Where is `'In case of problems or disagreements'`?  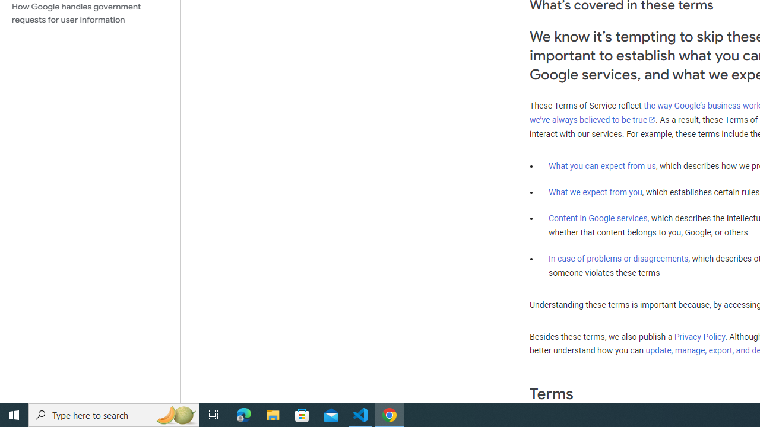 'In case of problems or disagreements' is located at coordinates (617, 257).